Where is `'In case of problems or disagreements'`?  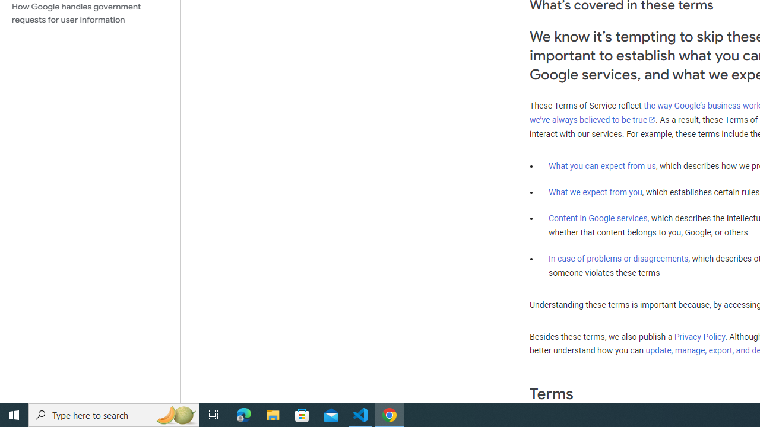 'In case of problems or disagreements' is located at coordinates (617, 257).